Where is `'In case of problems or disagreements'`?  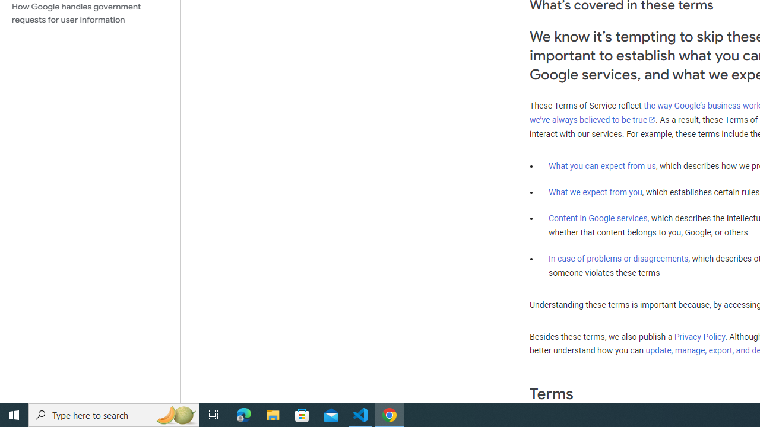 'In case of problems or disagreements' is located at coordinates (617, 257).